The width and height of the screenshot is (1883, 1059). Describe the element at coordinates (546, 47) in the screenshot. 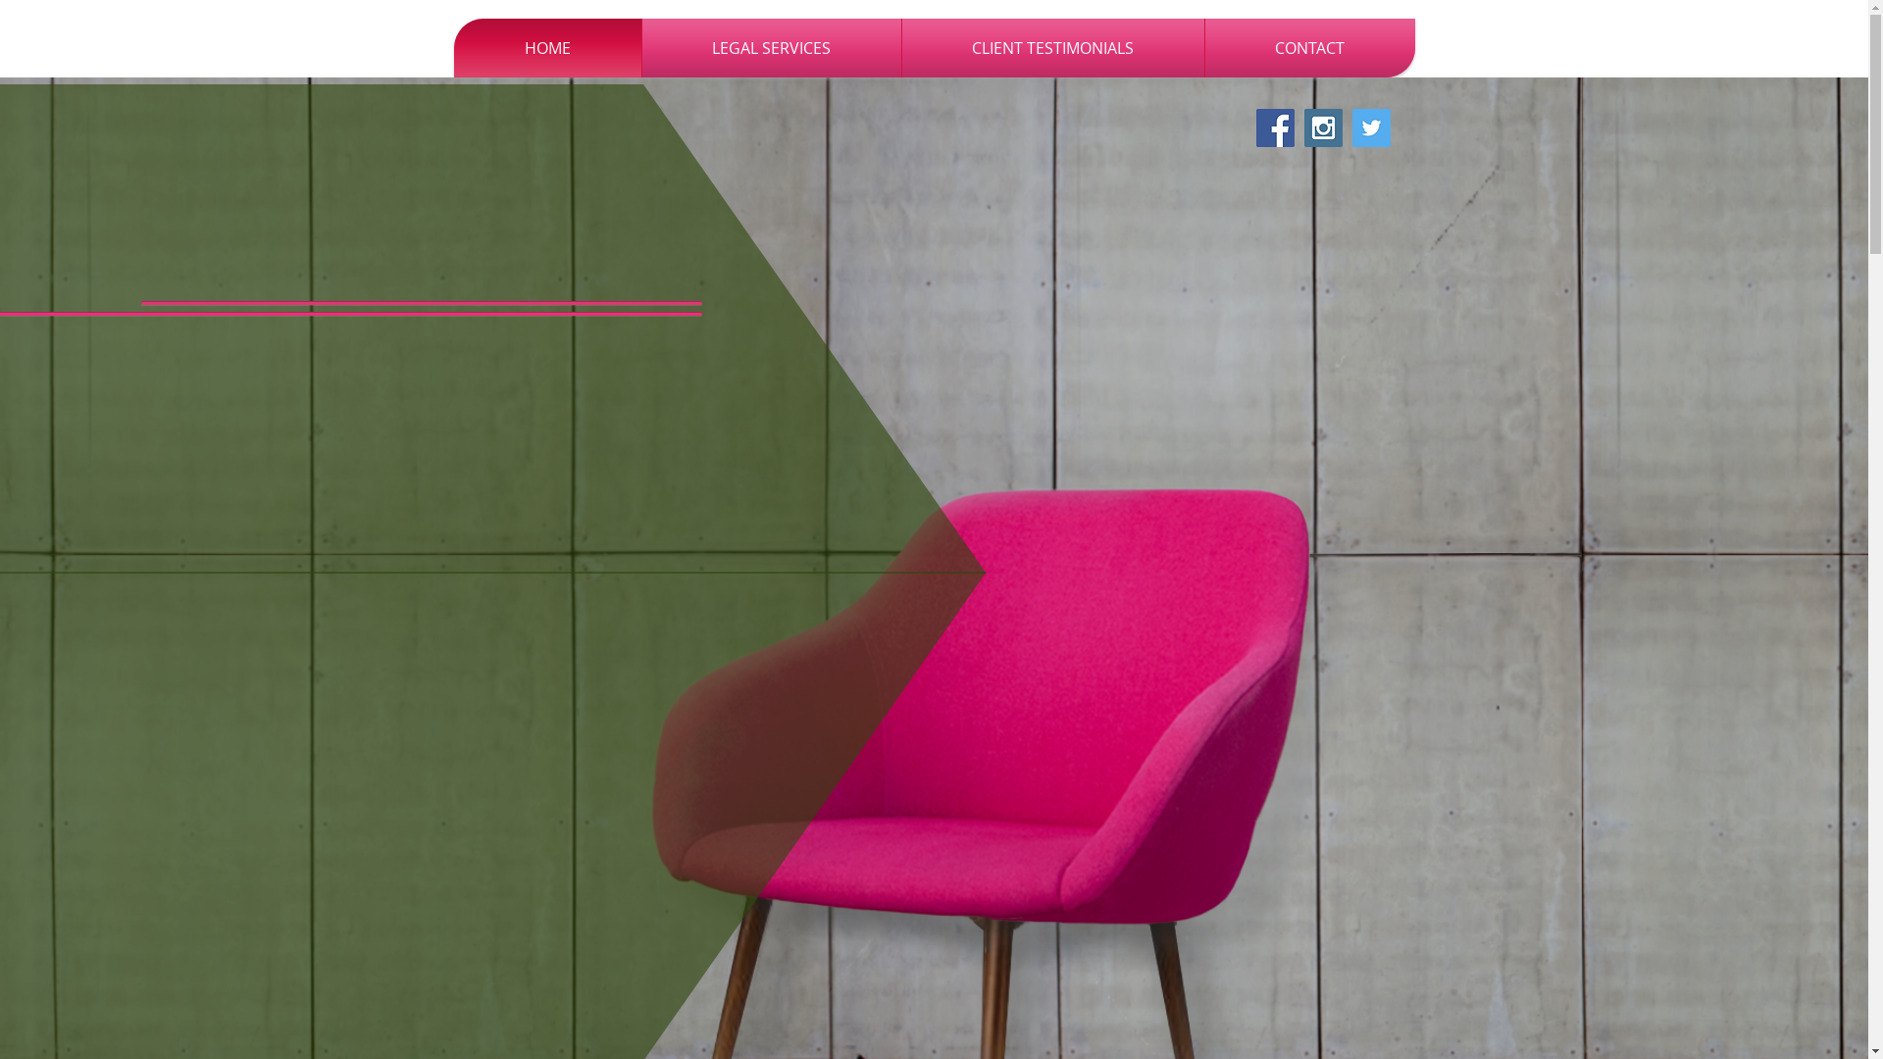

I see `'HOME'` at that location.